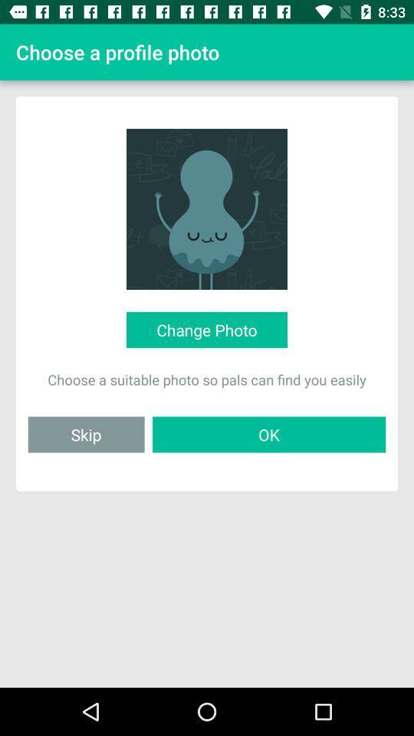  I want to click on the icon on the left, so click(86, 434).